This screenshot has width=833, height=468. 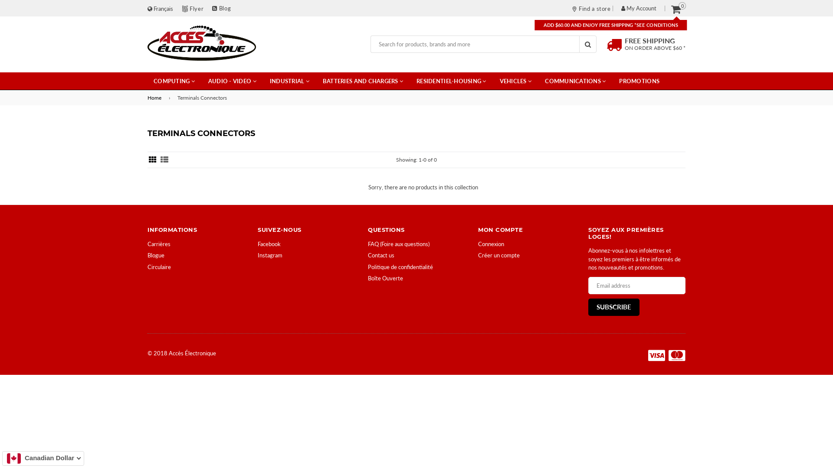 I want to click on 'INDUSTRIAL', so click(x=289, y=81).